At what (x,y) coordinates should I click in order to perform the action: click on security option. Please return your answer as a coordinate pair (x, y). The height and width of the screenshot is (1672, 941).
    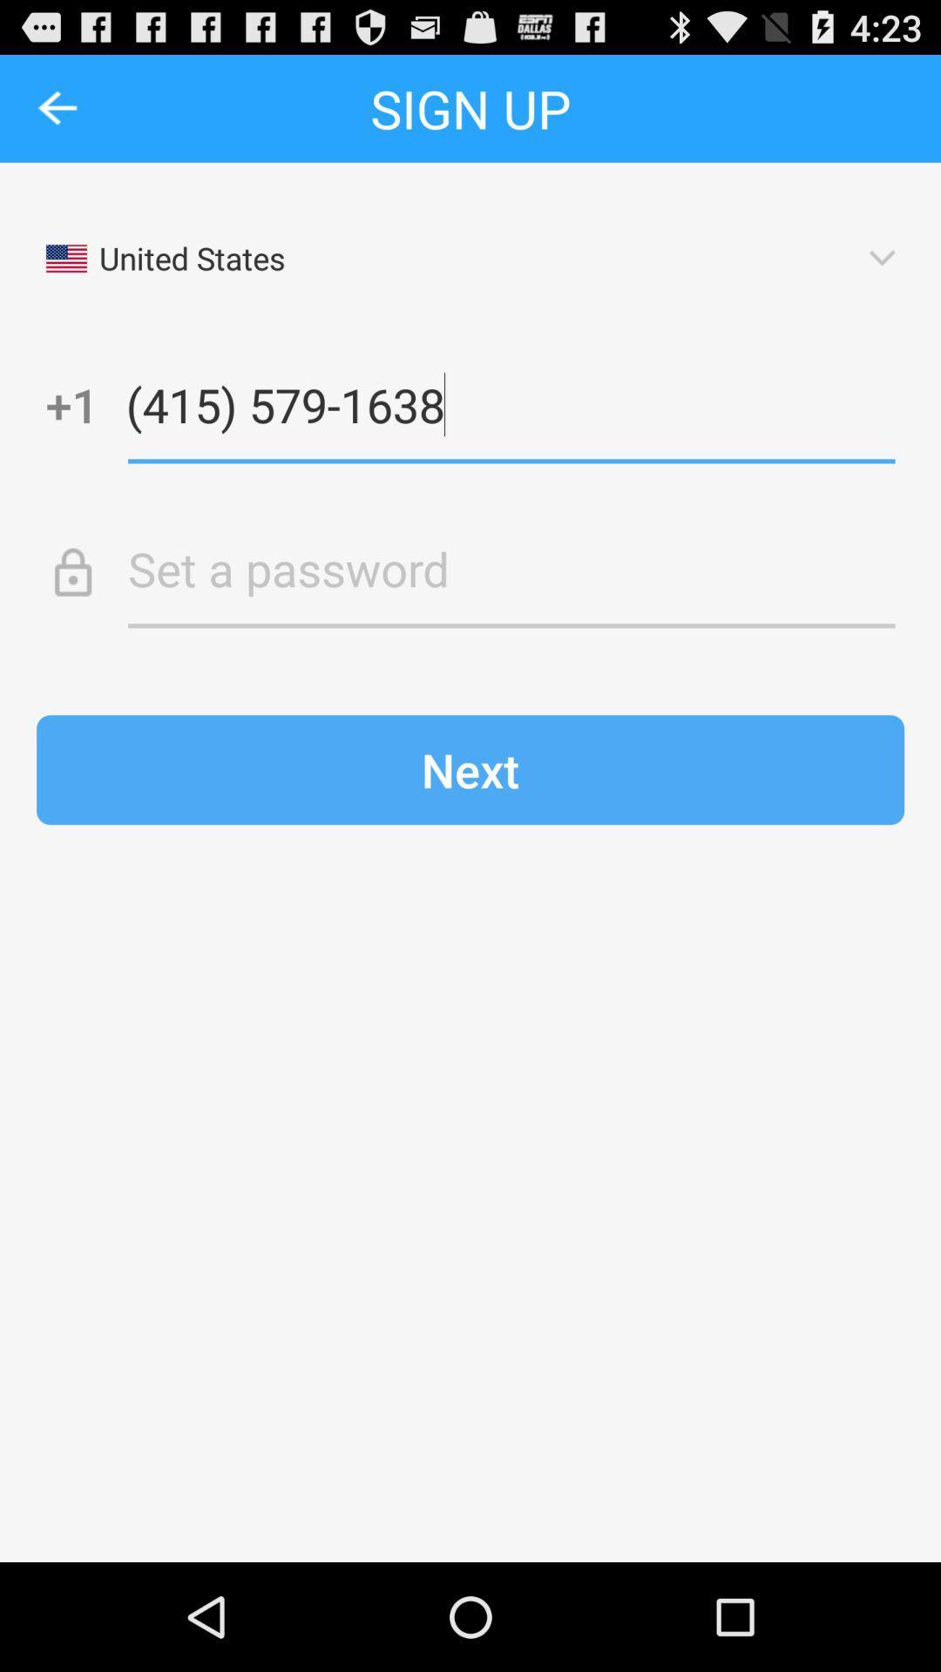
    Looking at the image, I should click on (511, 569).